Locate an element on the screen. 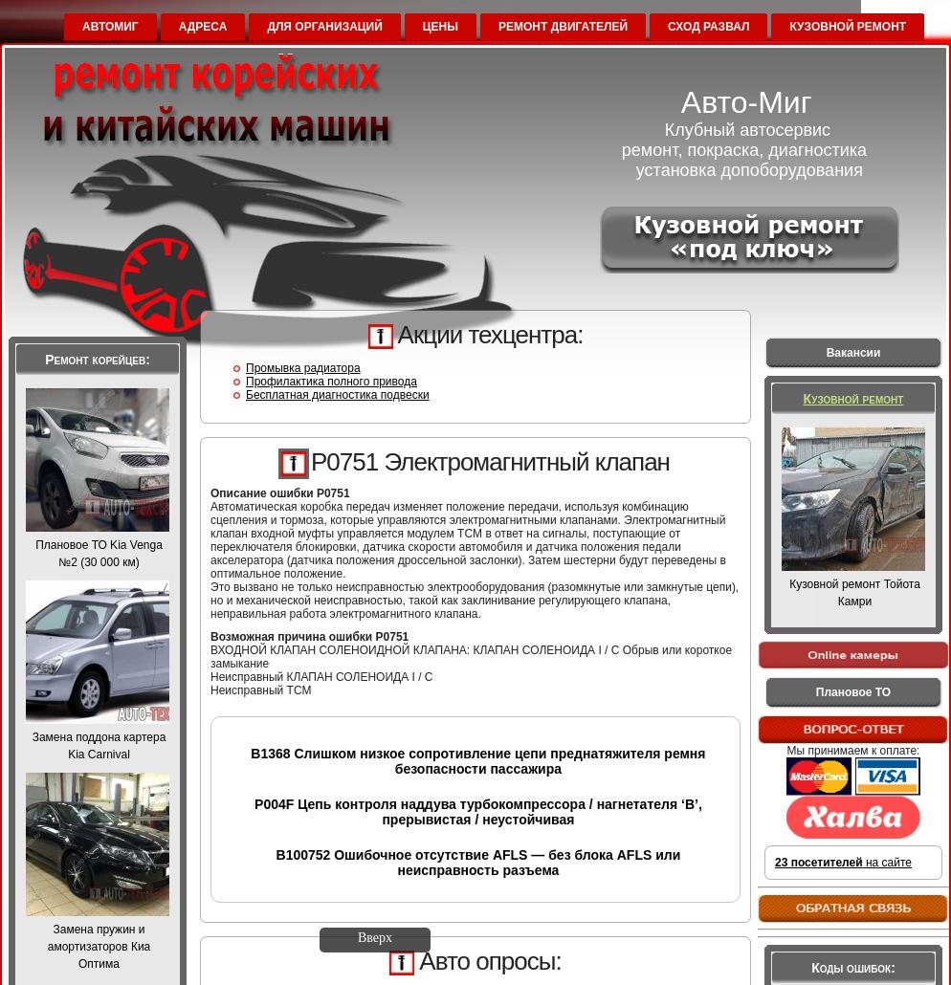  'Неисправный TCM' is located at coordinates (259, 690).